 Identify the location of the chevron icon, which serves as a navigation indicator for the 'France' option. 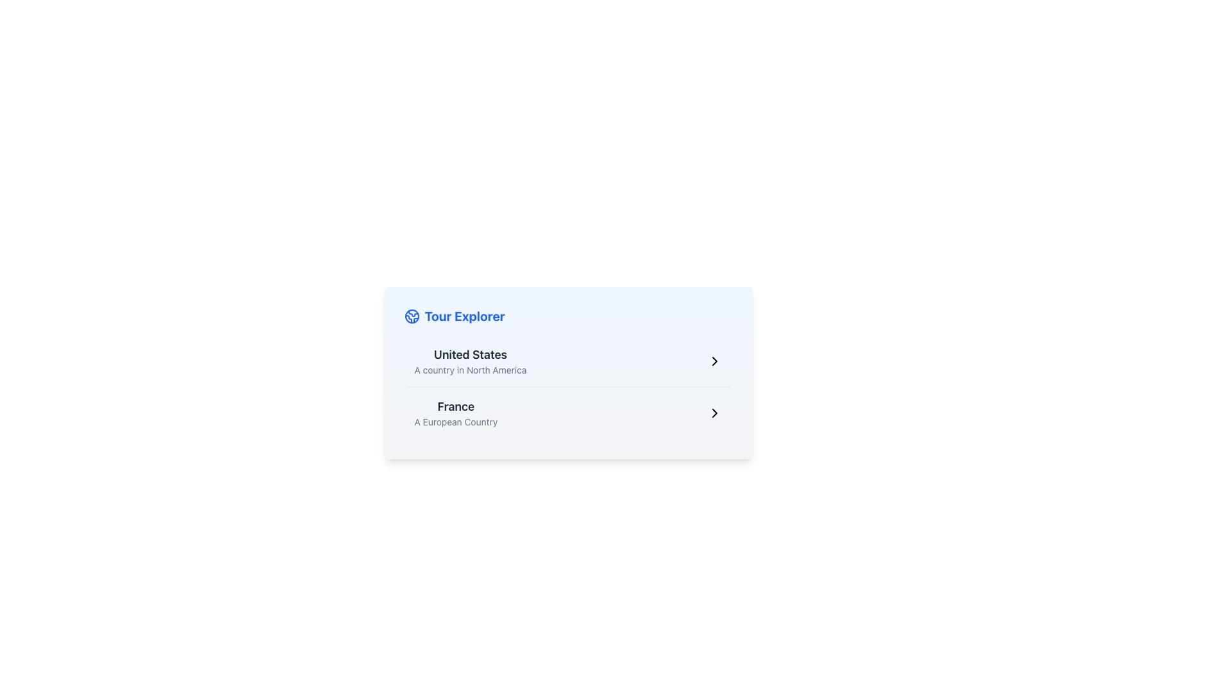
(714, 413).